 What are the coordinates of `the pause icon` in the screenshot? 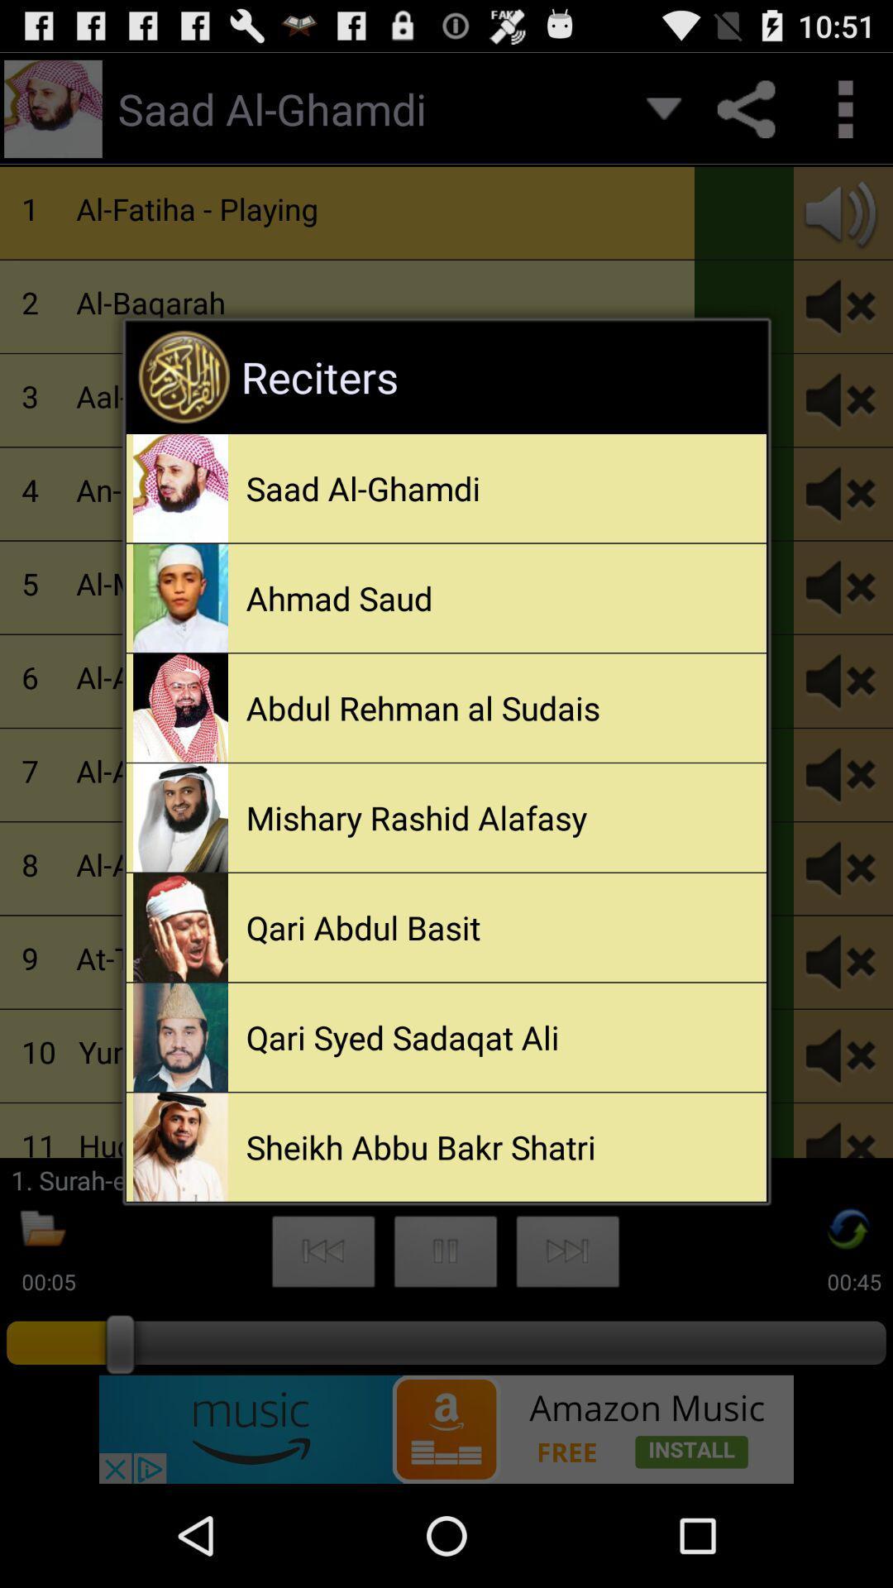 It's located at (445, 1345).